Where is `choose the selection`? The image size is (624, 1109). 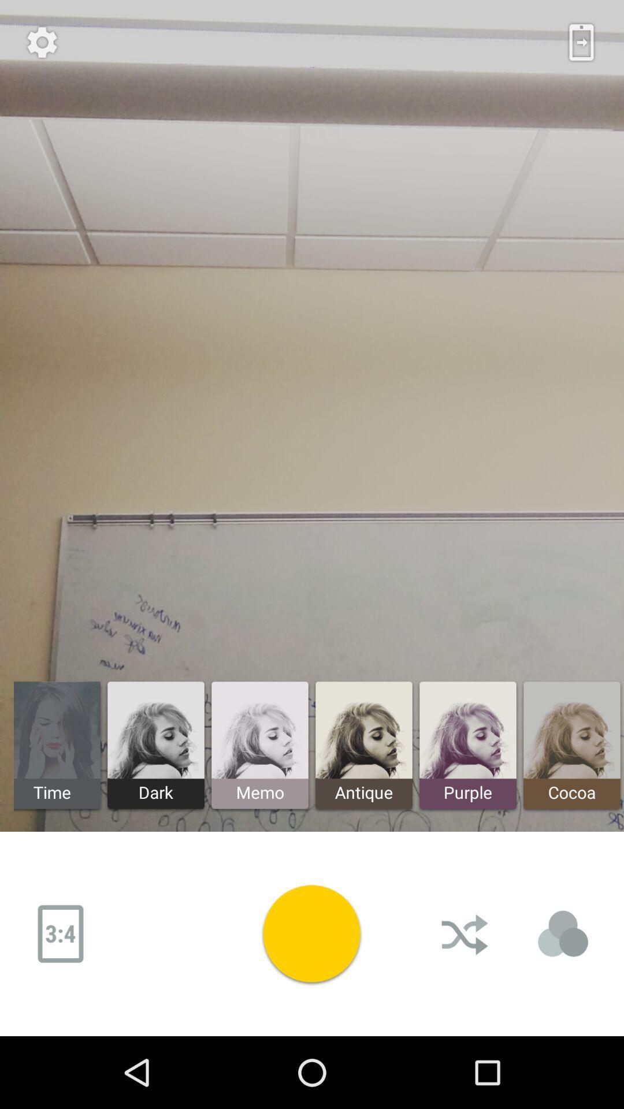 choose the selection is located at coordinates (563, 934).